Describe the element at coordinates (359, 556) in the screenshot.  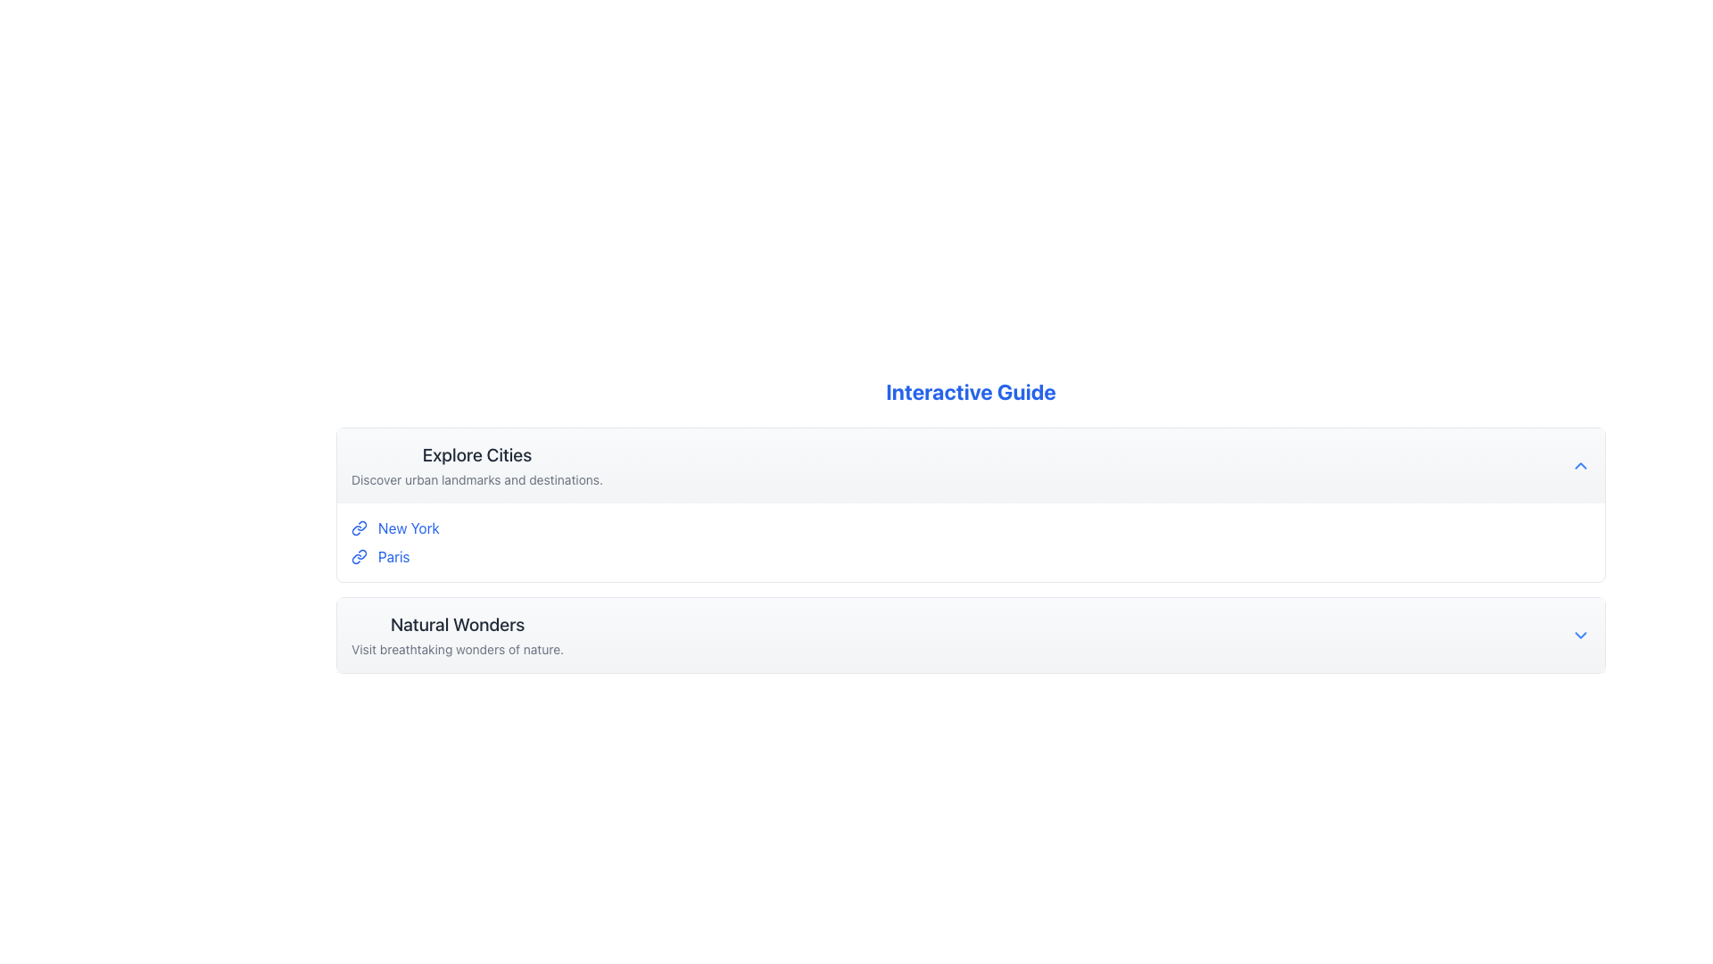
I see `the hyperlink indicator icon located to the left of the text 'Paris' in the 'Explore Cities' section` at that location.